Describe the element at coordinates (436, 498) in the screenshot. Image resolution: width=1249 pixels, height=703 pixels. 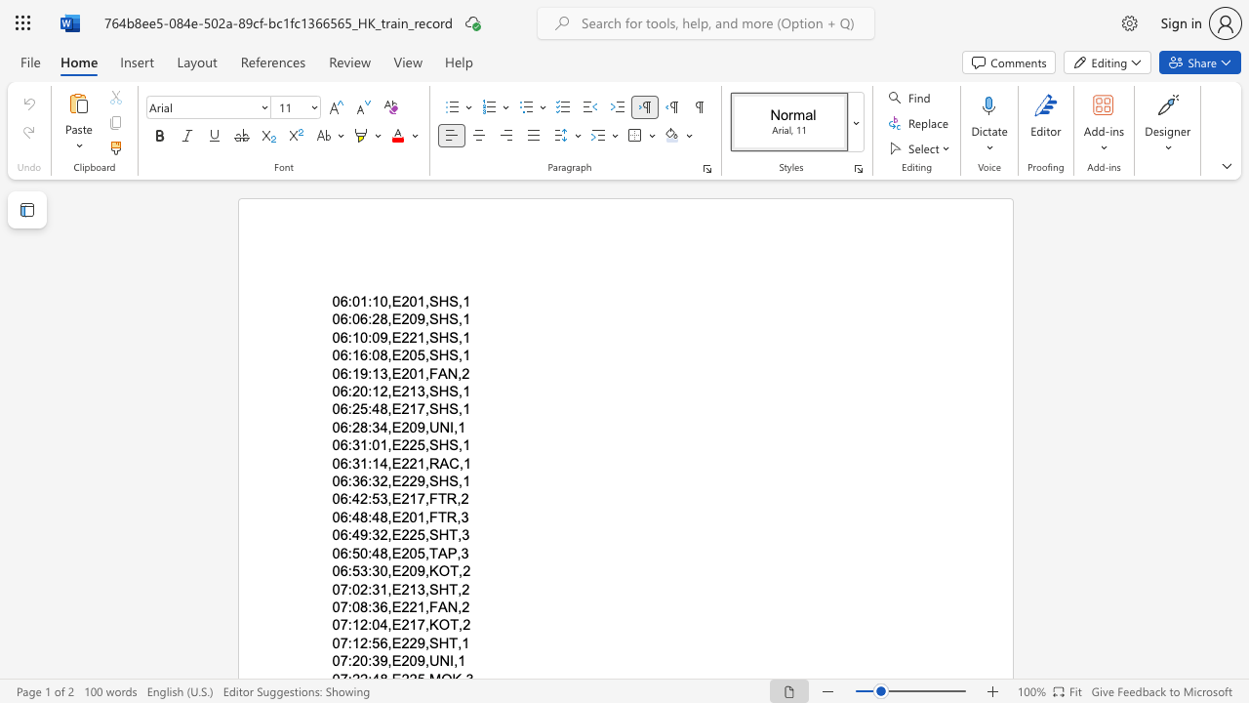
I see `the space between the continuous character "F" and "T" in the text` at that location.